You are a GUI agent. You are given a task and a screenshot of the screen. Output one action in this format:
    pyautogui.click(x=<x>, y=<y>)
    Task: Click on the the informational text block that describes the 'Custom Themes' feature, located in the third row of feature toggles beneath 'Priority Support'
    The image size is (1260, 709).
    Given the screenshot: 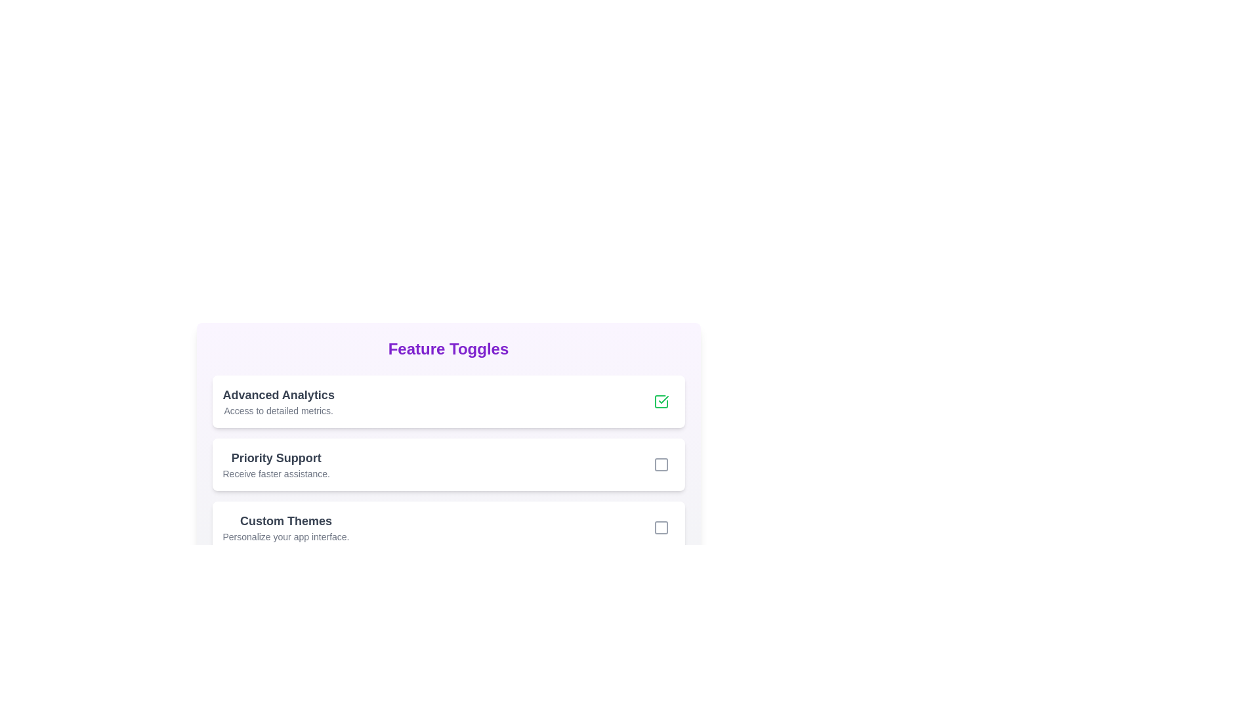 What is the action you would take?
    pyautogui.click(x=285, y=526)
    